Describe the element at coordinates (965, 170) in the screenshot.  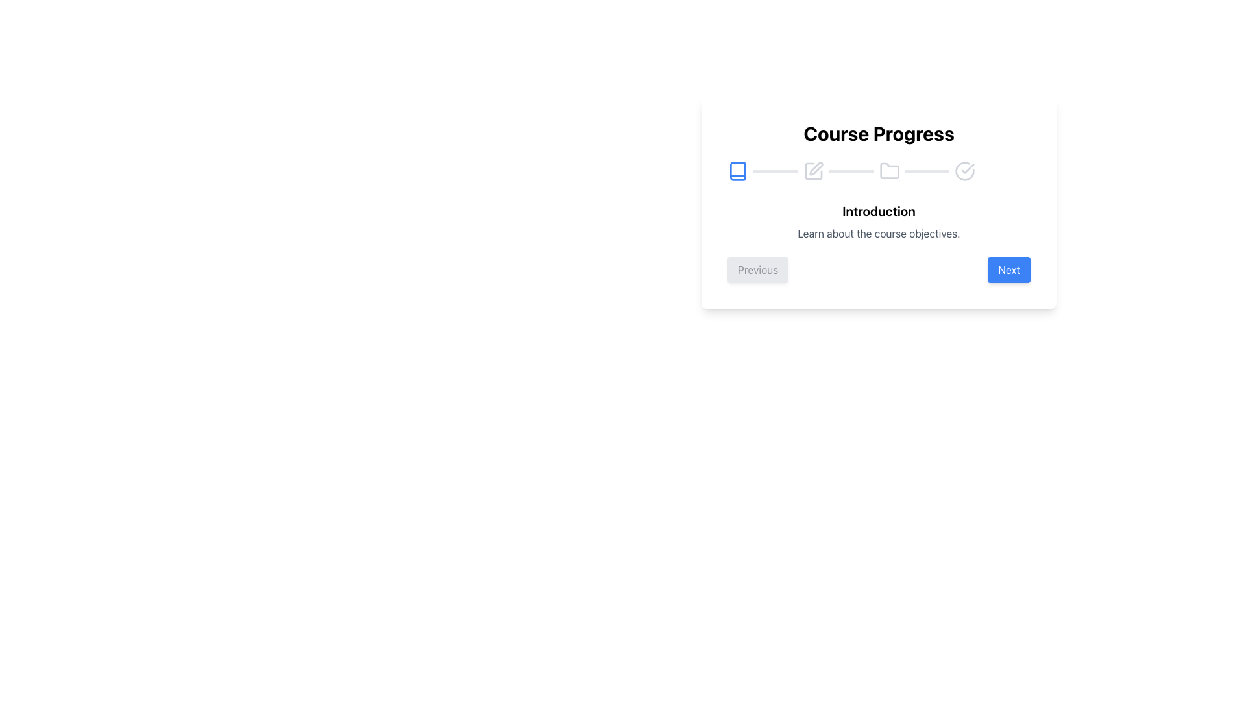
I see `the rightmost icon in the horizontal progress bar that serves as a visual indicator for progress tracking` at that location.